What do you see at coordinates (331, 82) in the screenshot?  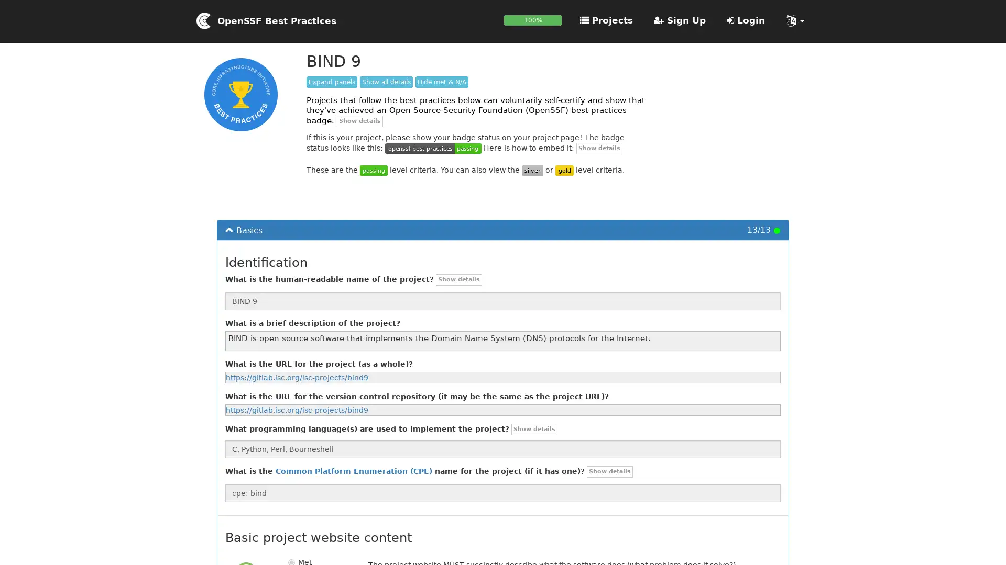 I see `Expand panels` at bounding box center [331, 82].